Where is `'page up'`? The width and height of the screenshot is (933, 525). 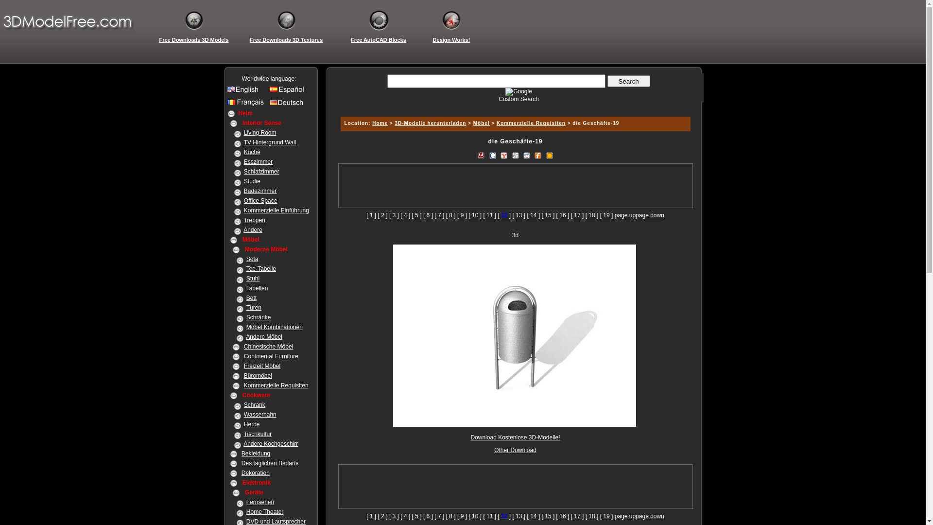 'page up' is located at coordinates (625, 515).